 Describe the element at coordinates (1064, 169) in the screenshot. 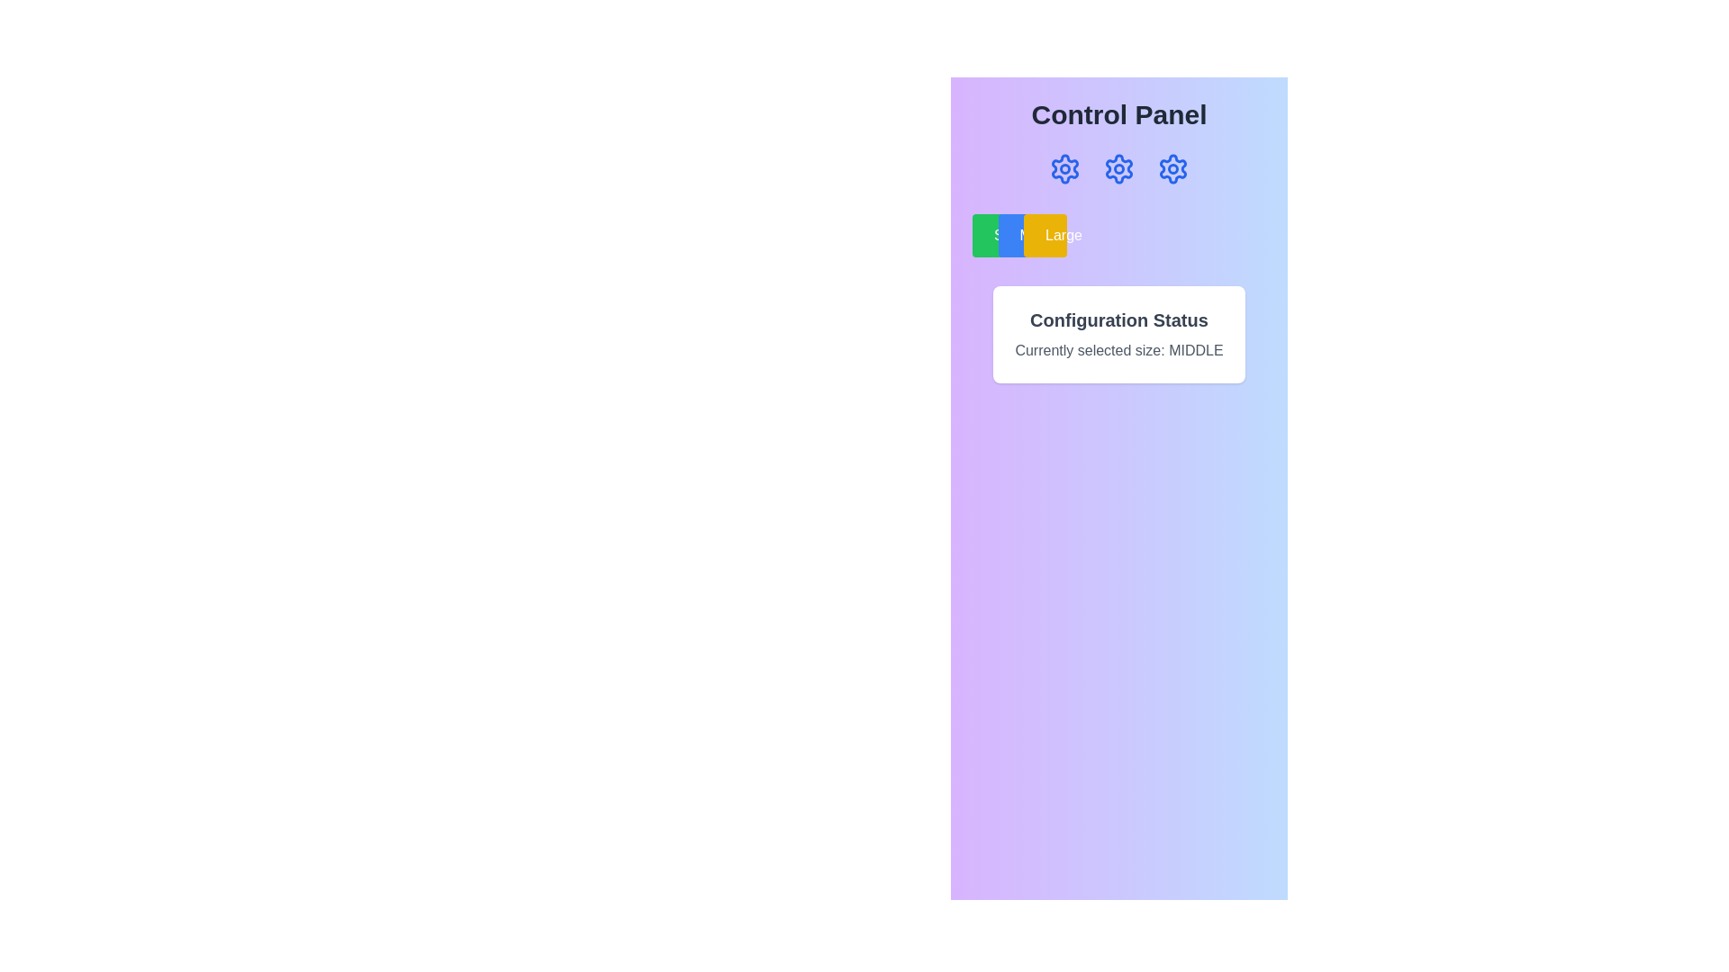

I see `the blue gear icon, which is the first icon in a series of three gear icons` at that location.